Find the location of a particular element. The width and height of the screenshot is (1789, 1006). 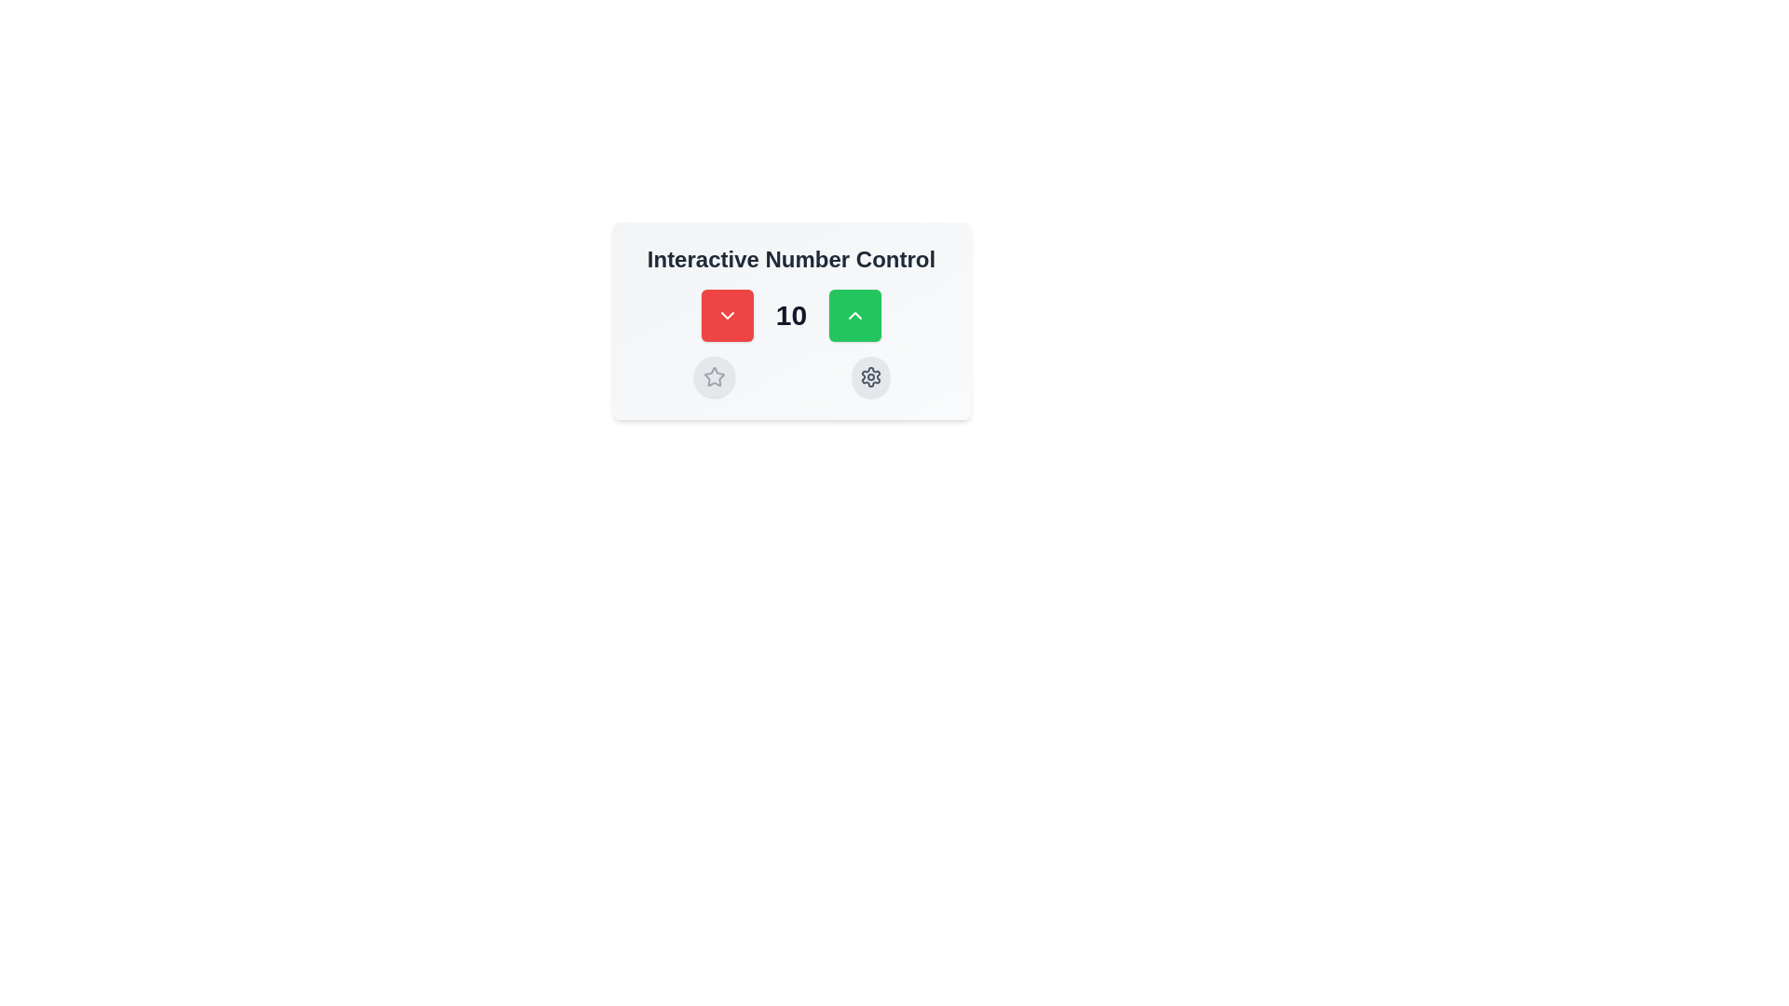

the star-shaped icon button located at the bottom-left corner of the control group is located at coordinates (713, 377).